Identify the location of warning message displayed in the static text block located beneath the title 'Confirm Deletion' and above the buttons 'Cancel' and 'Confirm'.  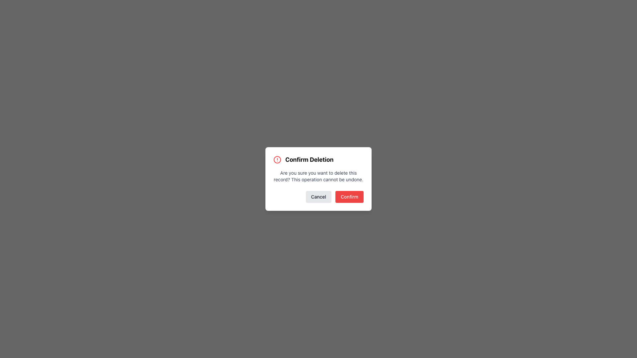
(318, 176).